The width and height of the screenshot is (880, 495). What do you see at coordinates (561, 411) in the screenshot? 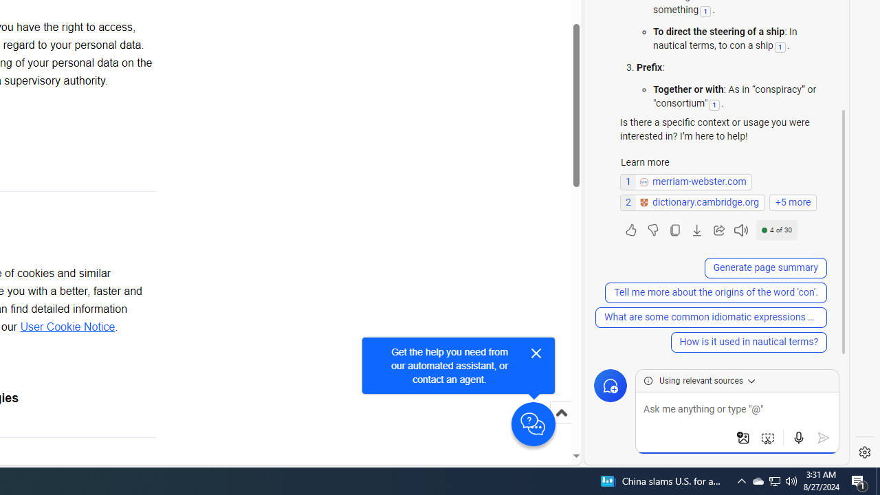
I see `'Scroll to top'` at bounding box center [561, 411].